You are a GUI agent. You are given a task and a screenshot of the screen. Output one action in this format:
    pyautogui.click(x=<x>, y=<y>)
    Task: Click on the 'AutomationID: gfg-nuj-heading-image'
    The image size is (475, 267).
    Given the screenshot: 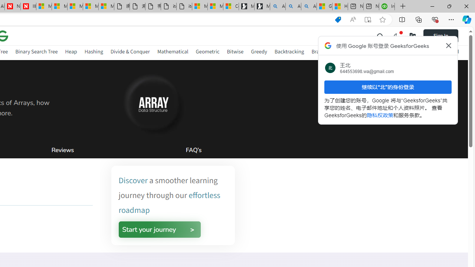 What is the action you would take?
    pyautogui.click(x=151, y=103)
    